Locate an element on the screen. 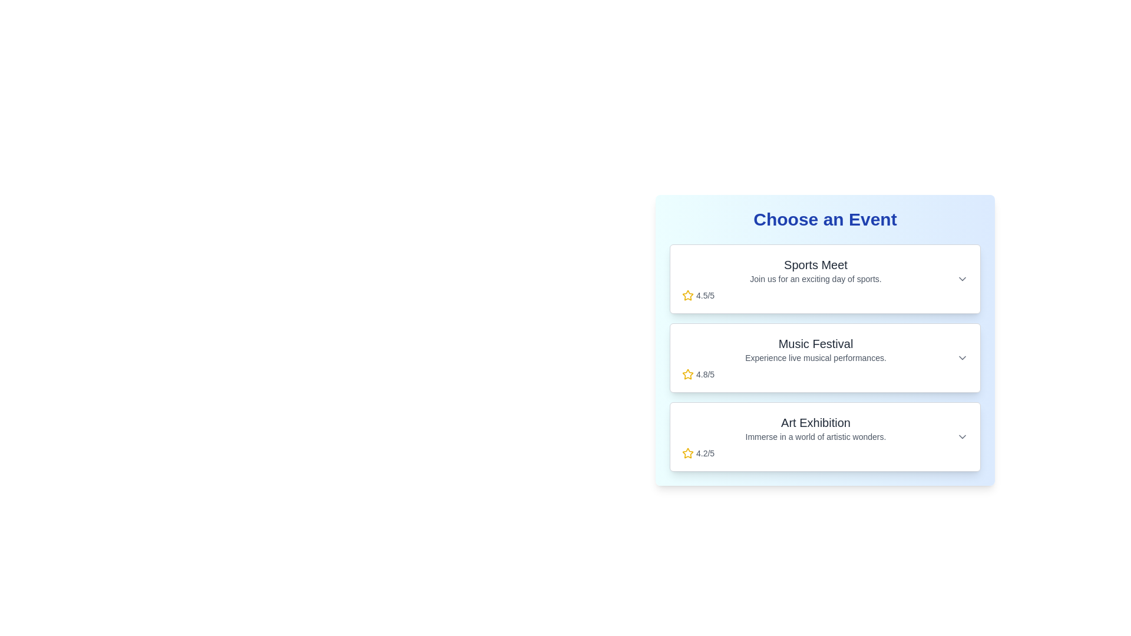  the text label that says 'Experience live musical performances.' which is styled in a smaller gray font and located below the 'Music Festival' heading is located at coordinates (815, 357).